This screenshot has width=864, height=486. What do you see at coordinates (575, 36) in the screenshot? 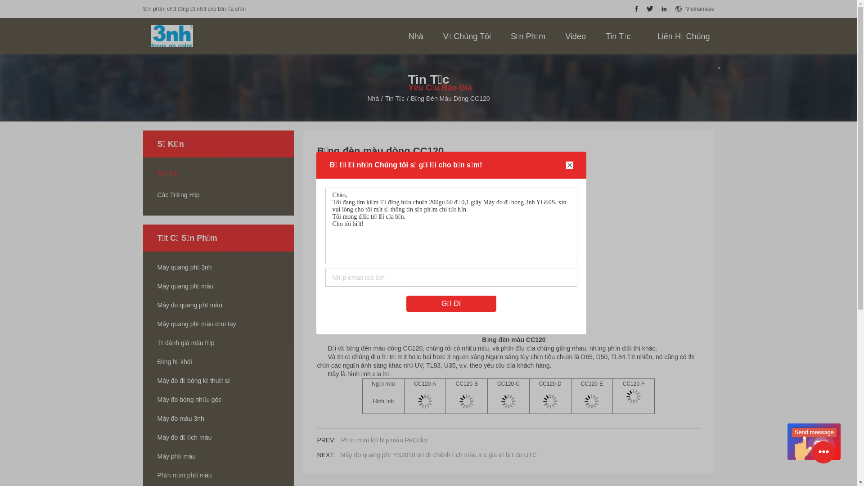
I see `'Video'` at bounding box center [575, 36].